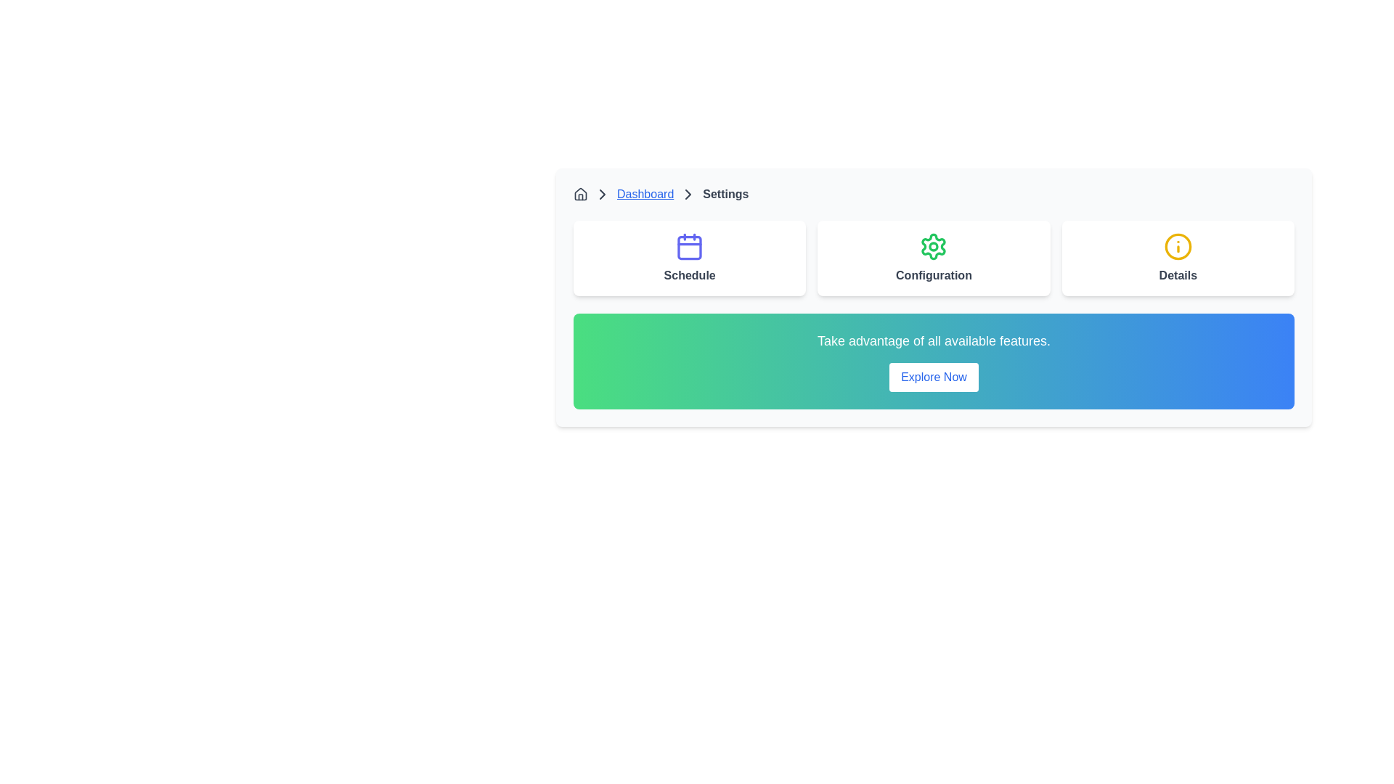 Image resolution: width=1394 pixels, height=784 pixels. I want to click on the third card in the row, which features a white background, rounded corners, and contains an exclamation mark icon in a yellow circle above the text label 'Details', so click(1178, 257).